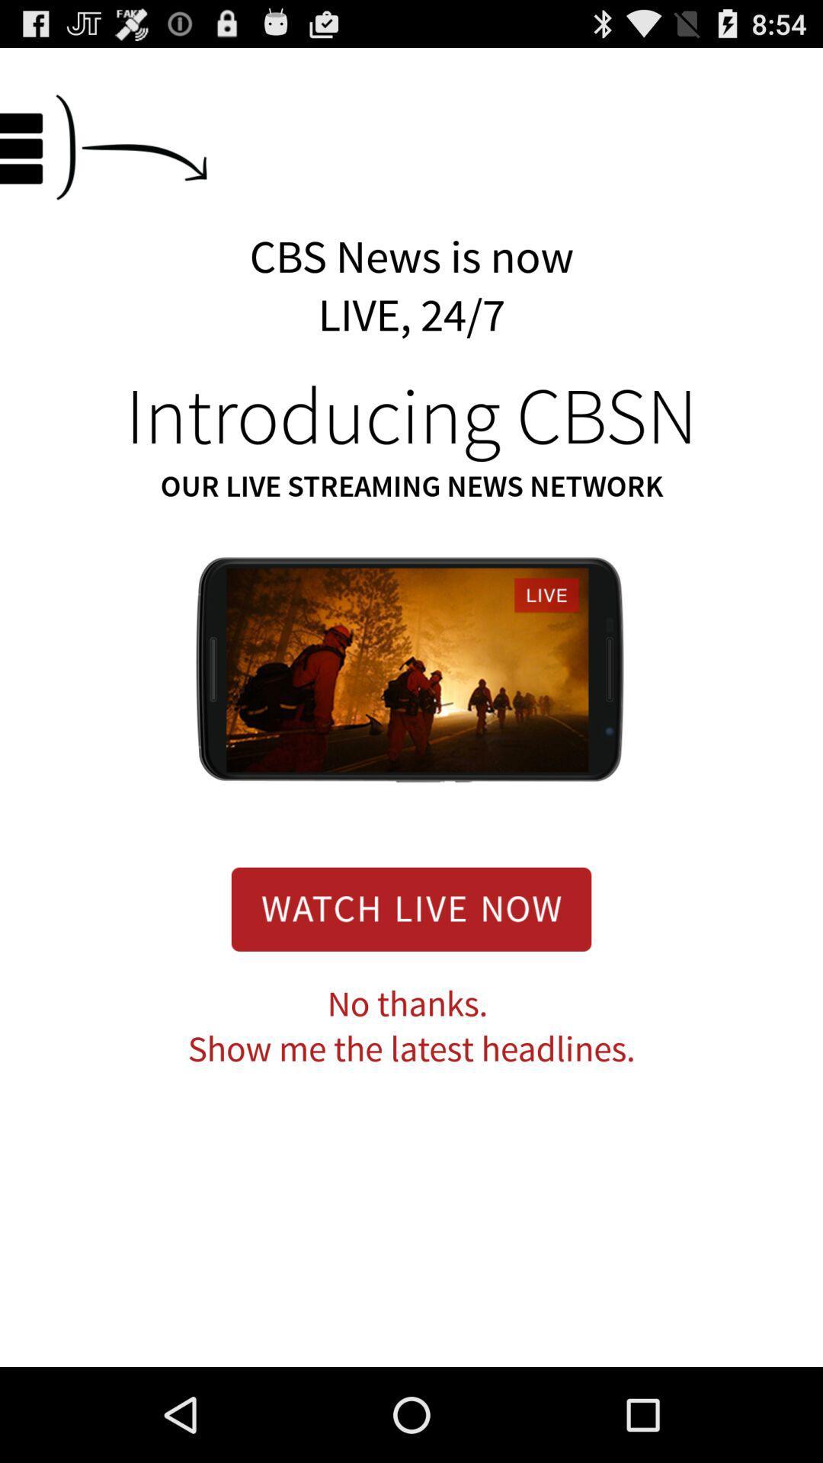  What do you see at coordinates (411, 1027) in the screenshot?
I see `no thanks show item` at bounding box center [411, 1027].